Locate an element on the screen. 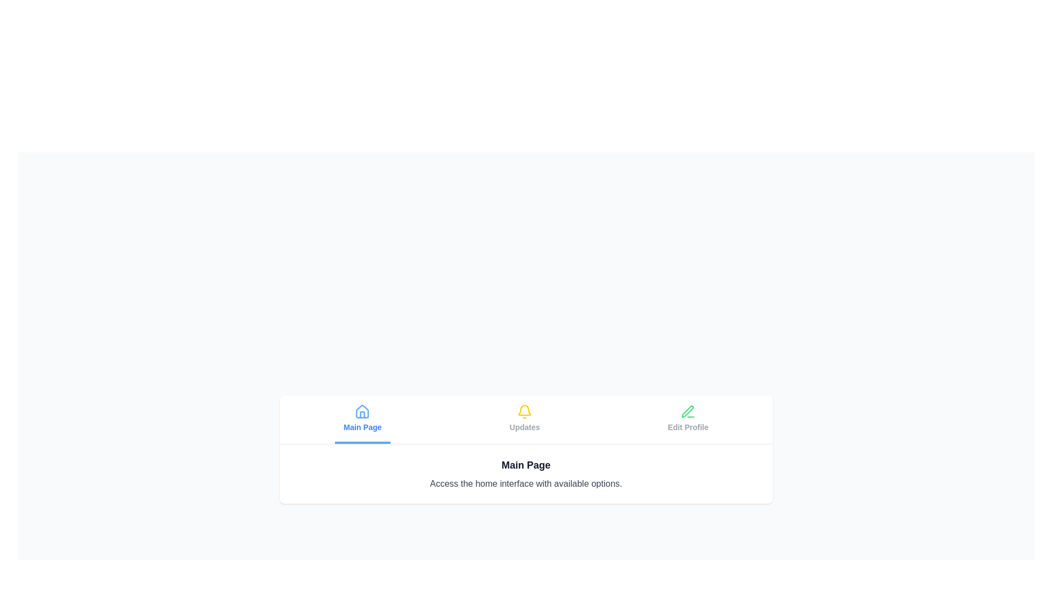  the border area of the tab labeled 'Main Page' to test its hover effect is located at coordinates (362, 419).